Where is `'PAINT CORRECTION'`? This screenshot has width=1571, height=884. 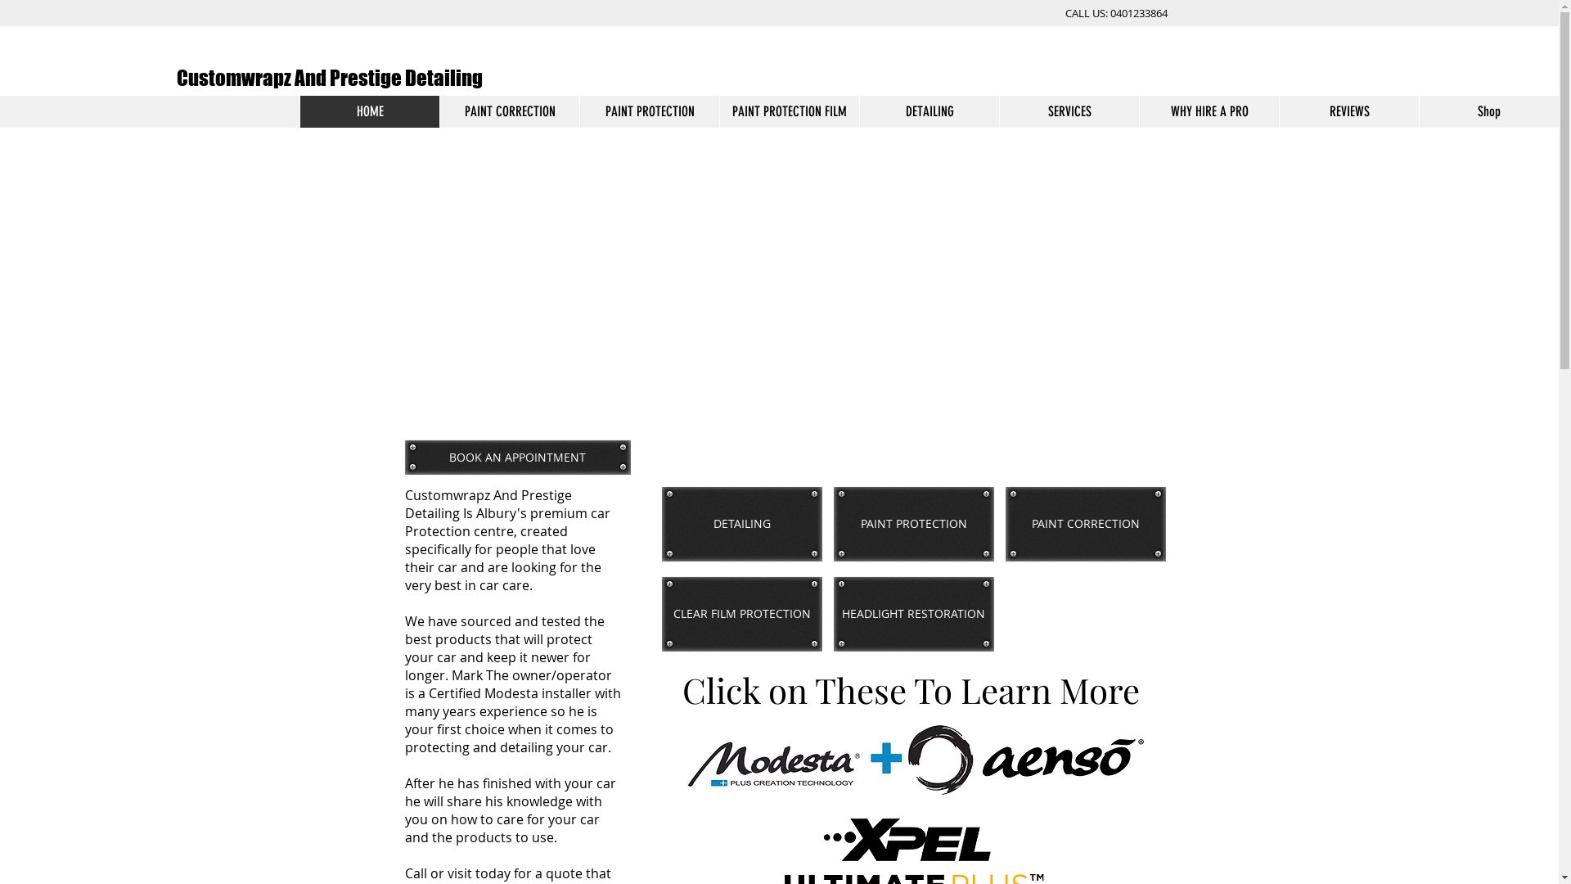 'PAINT CORRECTION' is located at coordinates (1084, 524).